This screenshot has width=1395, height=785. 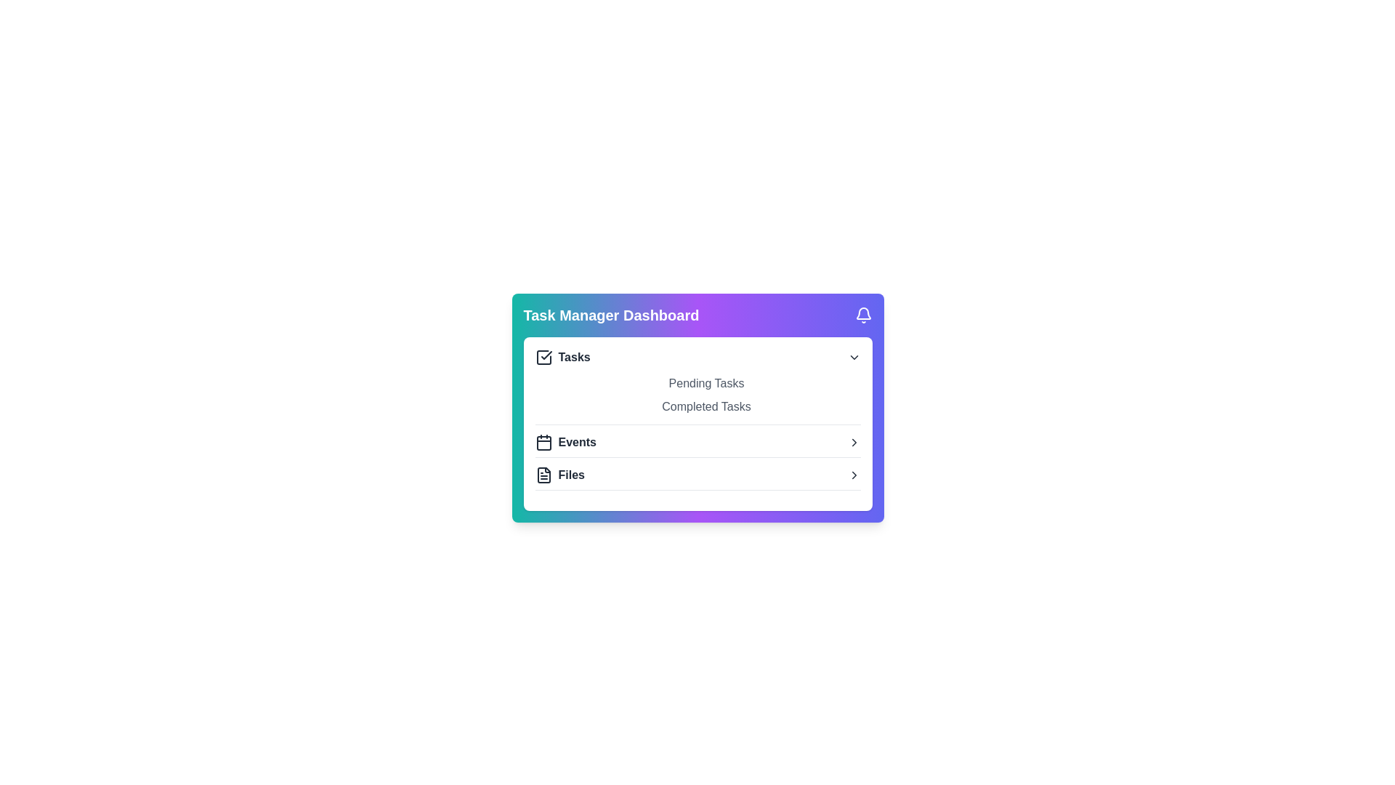 What do you see at coordinates (543, 358) in the screenshot?
I see `the status icon located to the immediate left of the text 'Tasks' in the first list item of the menu structure` at bounding box center [543, 358].